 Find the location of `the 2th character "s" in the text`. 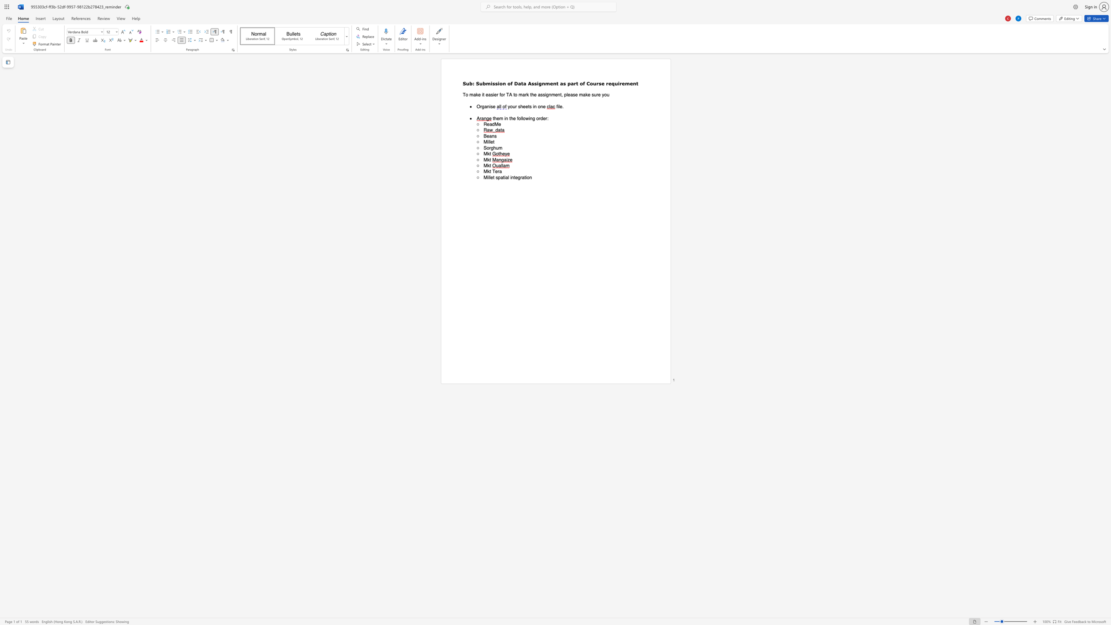

the 2th character "s" in the text is located at coordinates (530, 106).